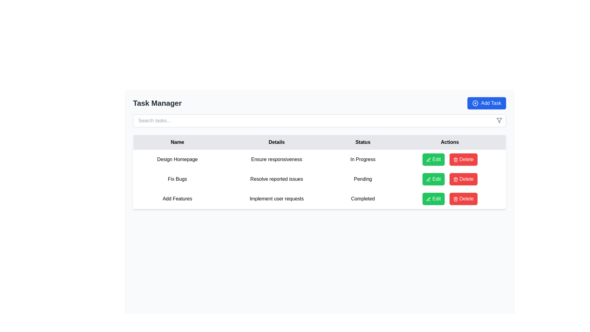 The image size is (590, 332). Describe the element at coordinates (475, 103) in the screenshot. I see `the circular icon with a plus sign in the center, which is located adjacent to the text 'Add Task'` at that location.